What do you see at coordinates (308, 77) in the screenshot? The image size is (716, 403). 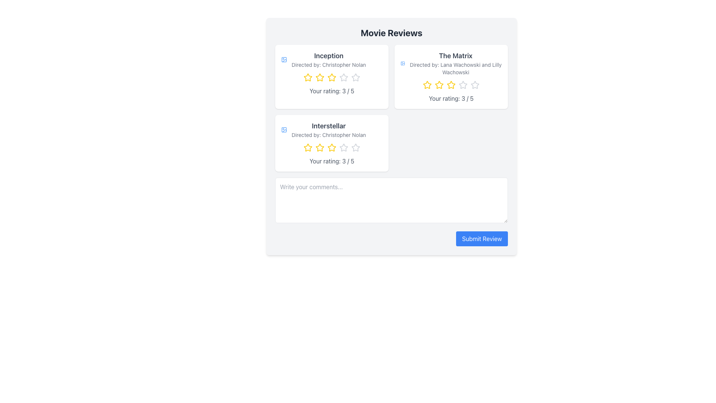 I see `the first star in the rating component for the movie 'Inception'` at bounding box center [308, 77].